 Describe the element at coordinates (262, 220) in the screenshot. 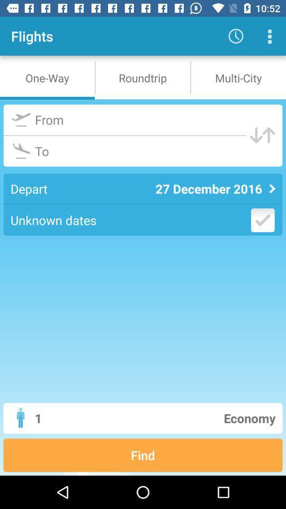

I see `unkown dates` at that location.